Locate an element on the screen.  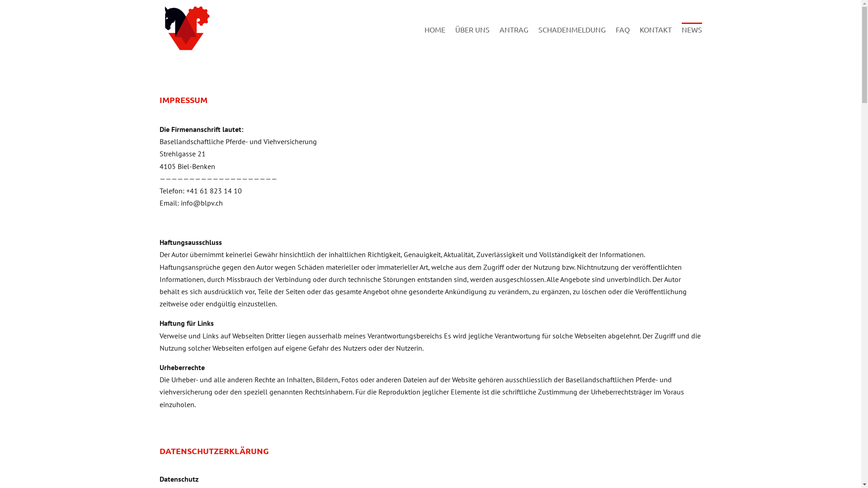
'HOME' is located at coordinates (434, 40).